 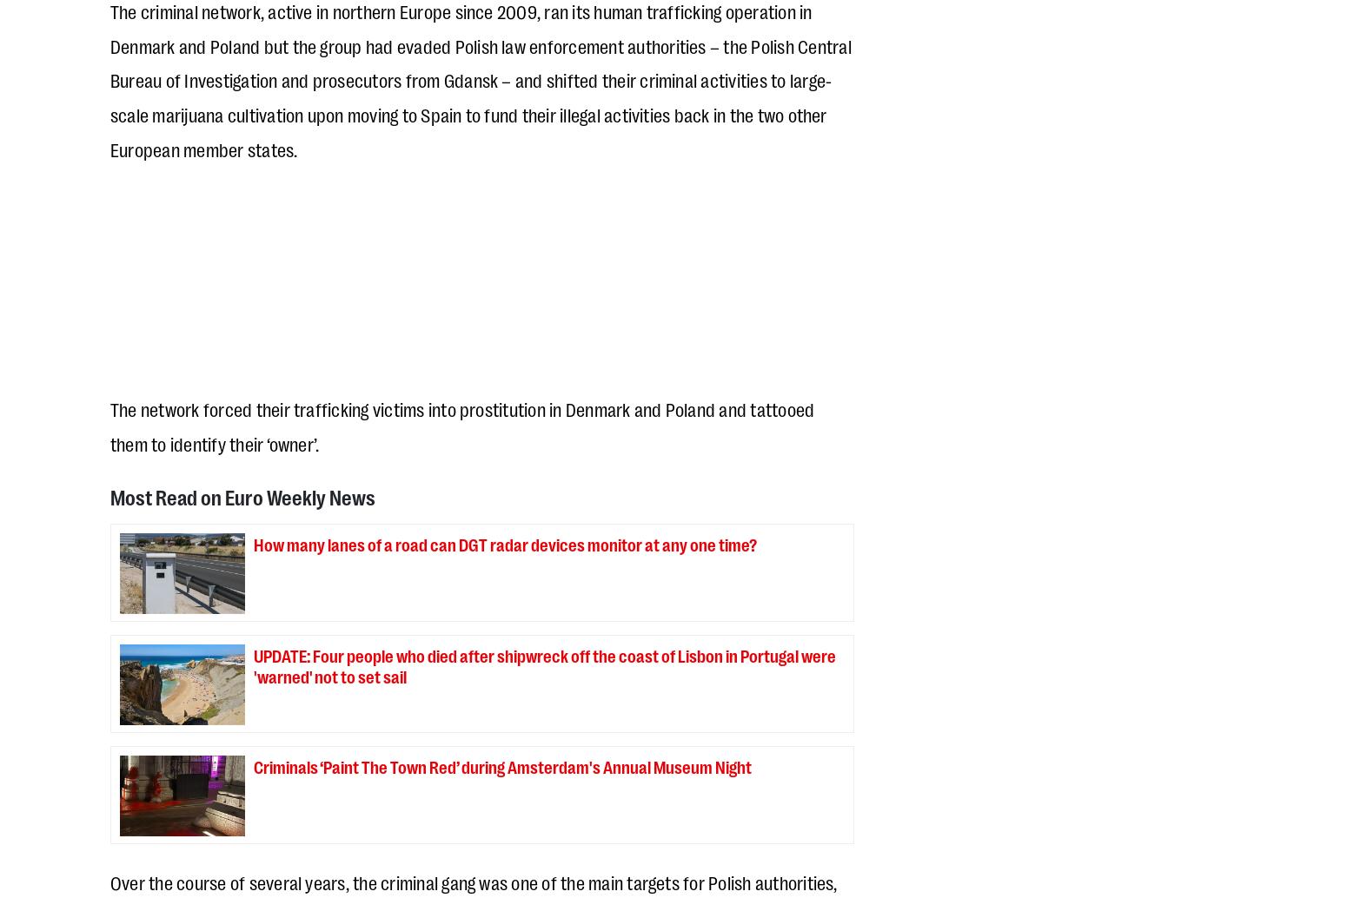 I want to click on 'Our publication has won numerous awards over the last 25 years including Best Free Newspaper of the Year (Premios AEEPP), Company of the Year (Costa del Sol Business Awards) and Collaboration with Foreigners honours (Mijas Town Hall). All of this comes at ZERO cost to our readers. All our print and online content always has been and always will be FREE OF CHARGE.', so click(x=477, y=645).